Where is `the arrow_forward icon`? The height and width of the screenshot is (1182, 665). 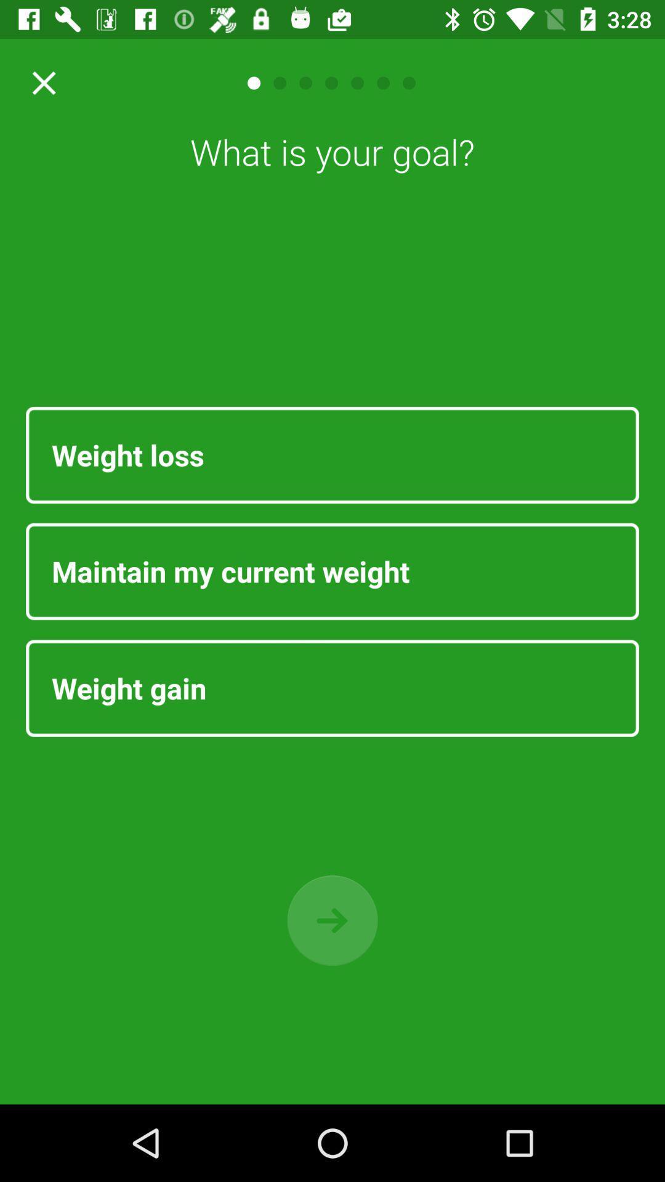 the arrow_forward icon is located at coordinates (332, 920).